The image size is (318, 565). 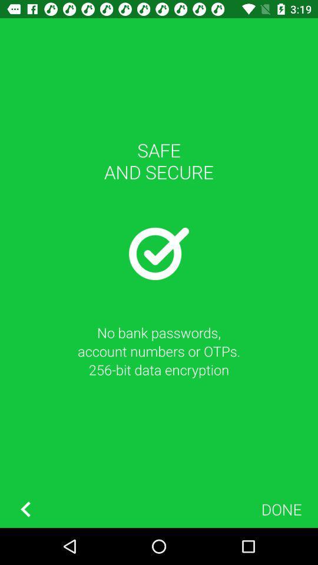 I want to click on the icon to the left of the done icon, so click(x=25, y=508).